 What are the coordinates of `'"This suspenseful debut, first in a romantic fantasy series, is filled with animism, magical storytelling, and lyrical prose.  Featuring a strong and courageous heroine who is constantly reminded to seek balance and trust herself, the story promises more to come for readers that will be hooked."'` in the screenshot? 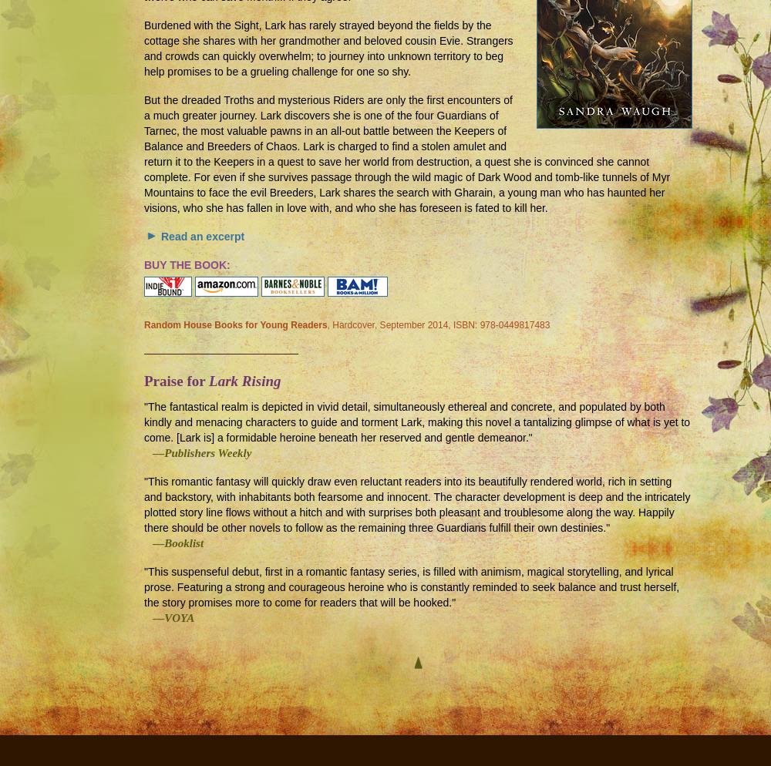 It's located at (412, 586).